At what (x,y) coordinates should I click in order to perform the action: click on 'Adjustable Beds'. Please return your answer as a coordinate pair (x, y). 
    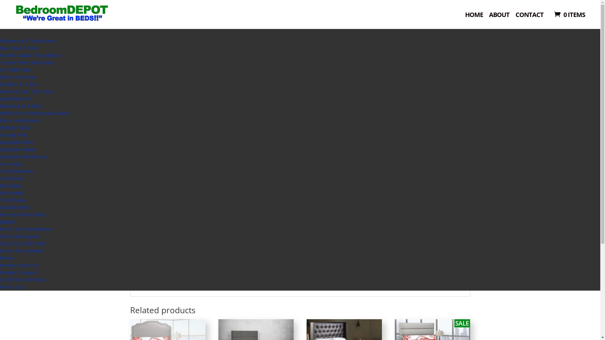
    Looking at the image, I should click on (17, 142).